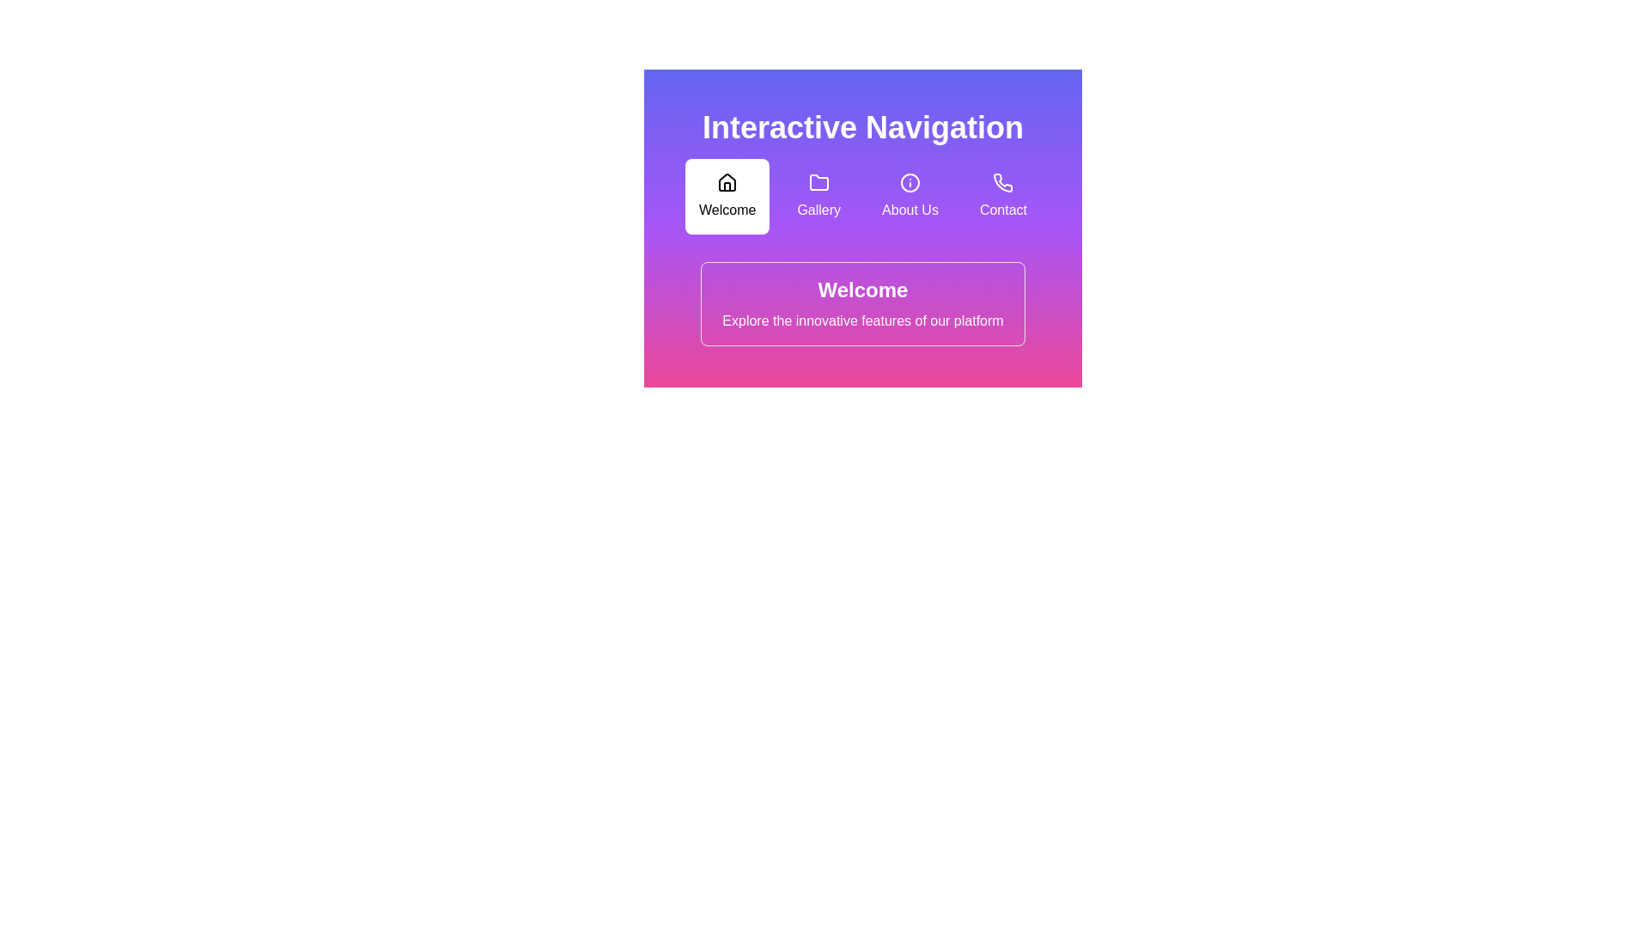  What do you see at coordinates (910, 182) in the screenshot?
I see `the circular 'info' icon with a hollow border and a dot inside, located above the 'About Us' text on a purple gradient background` at bounding box center [910, 182].